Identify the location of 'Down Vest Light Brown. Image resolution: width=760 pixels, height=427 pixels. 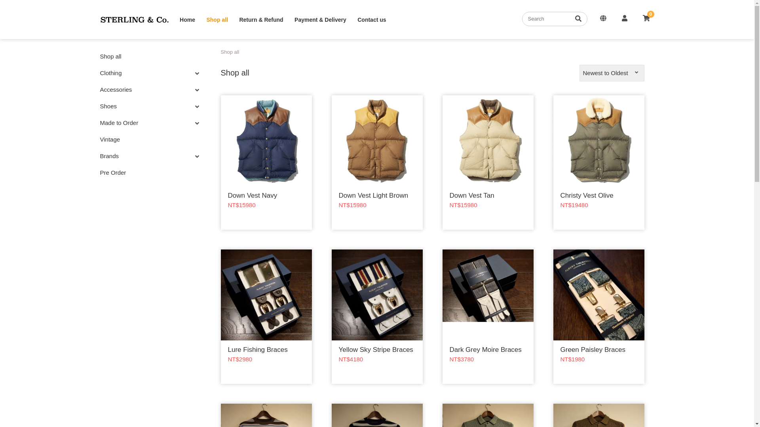
(377, 162).